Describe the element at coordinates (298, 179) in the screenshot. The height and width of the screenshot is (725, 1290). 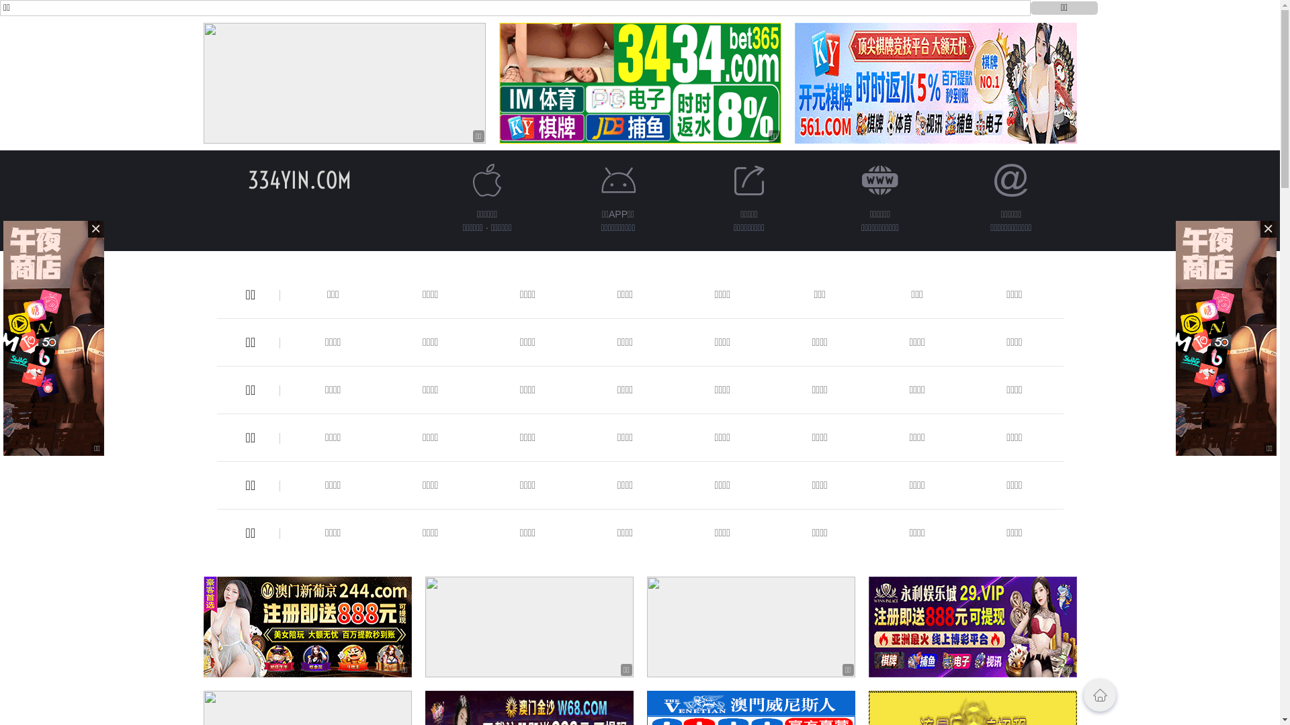
I see `'334YIN.COM'` at that location.